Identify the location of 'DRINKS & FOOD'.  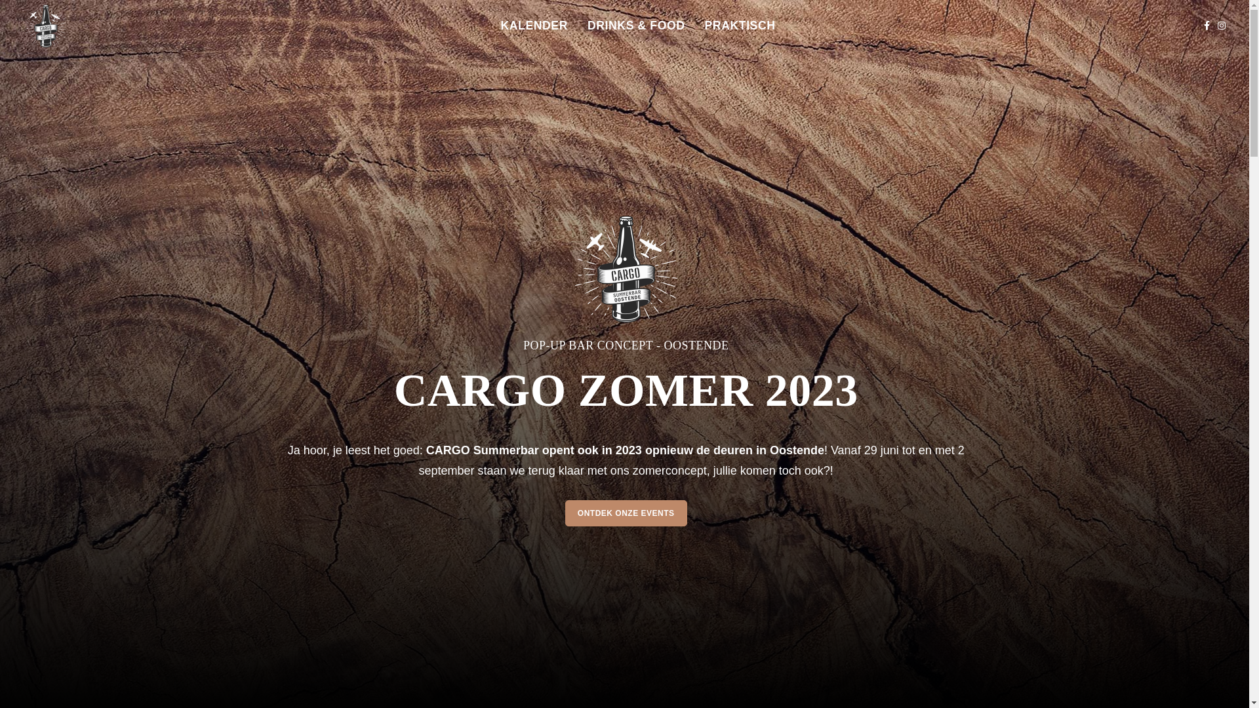
(636, 25).